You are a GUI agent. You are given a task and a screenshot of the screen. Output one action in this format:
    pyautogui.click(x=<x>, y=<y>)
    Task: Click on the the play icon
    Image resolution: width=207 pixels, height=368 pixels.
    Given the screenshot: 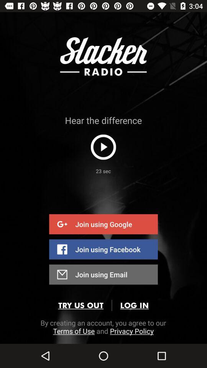 What is the action you would take?
    pyautogui.click(x=103, y=146)
    